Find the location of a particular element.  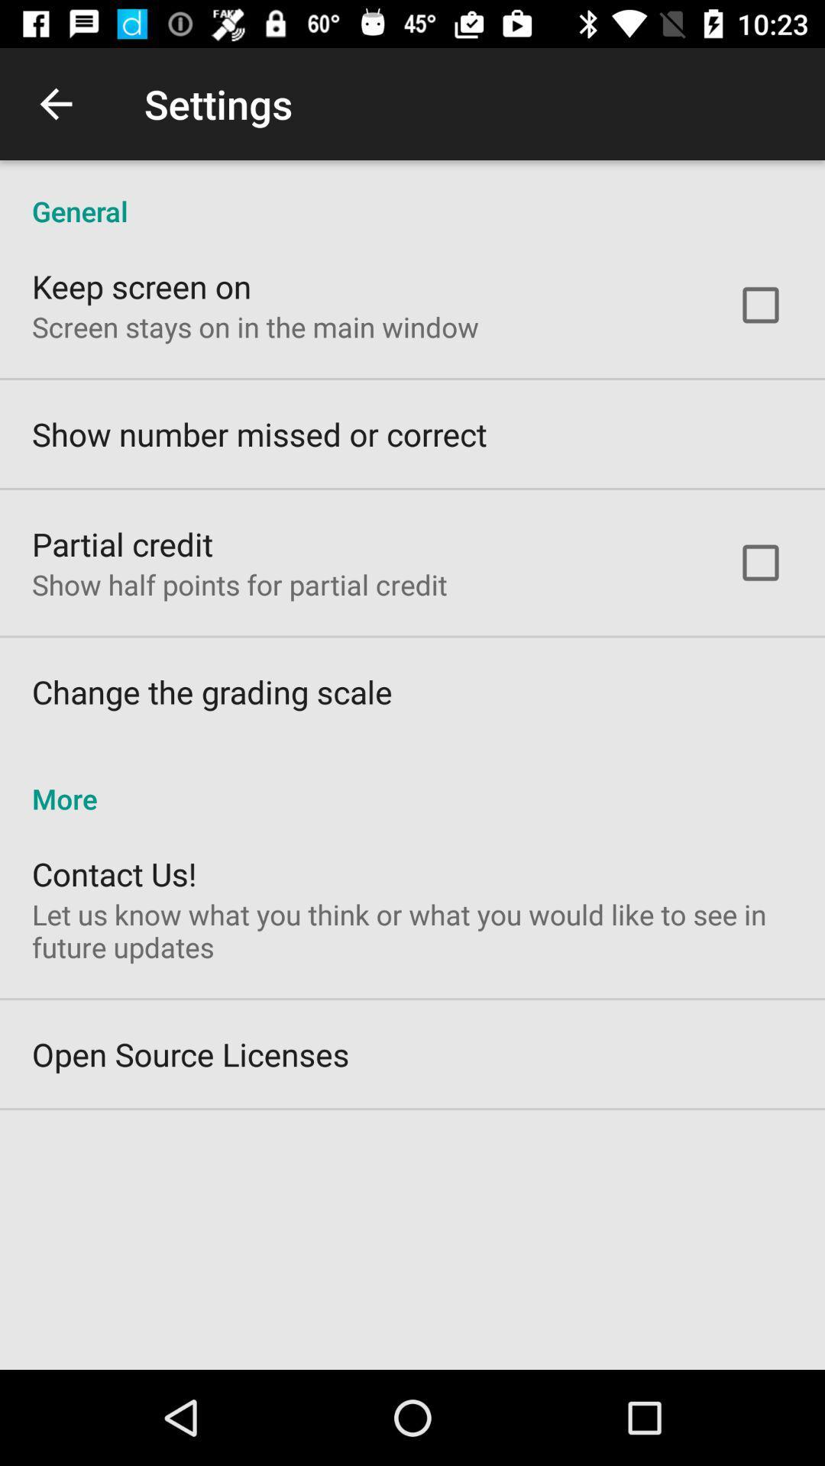

the general item is located at coordinates (412, 194).